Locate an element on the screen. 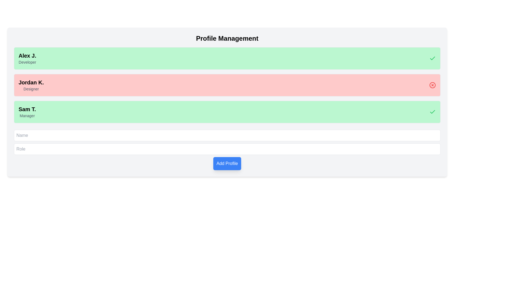 The width and height of the screenshot is (525, 295). the user profile name label that displays 'Alex J.' in the top-left corner of the green-highlighted profile area is located at coordinates (27, 56).